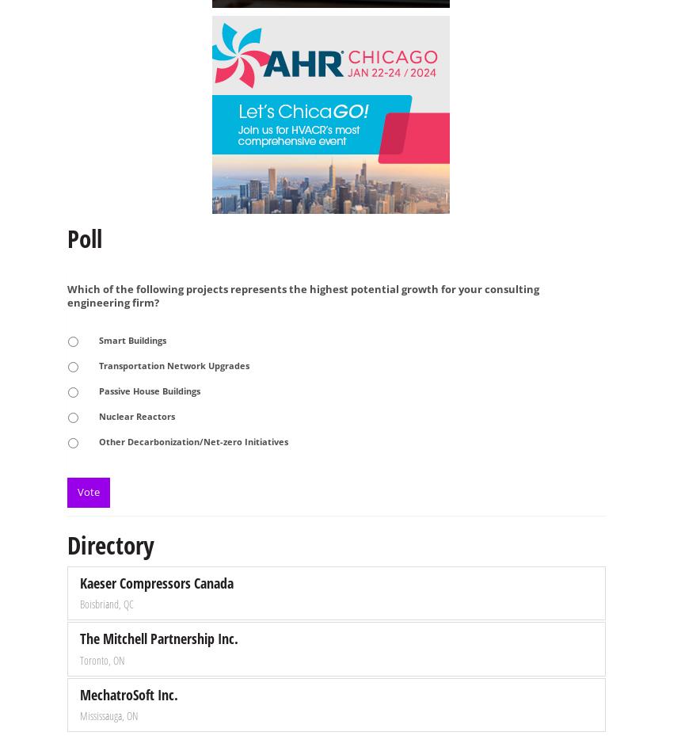 The height and width of the screenshot is (751, 685). What do you see at coordinates (131, 339) in the screenshot?
I see `'Smart Buildings'` at bounding box center [131, 339].